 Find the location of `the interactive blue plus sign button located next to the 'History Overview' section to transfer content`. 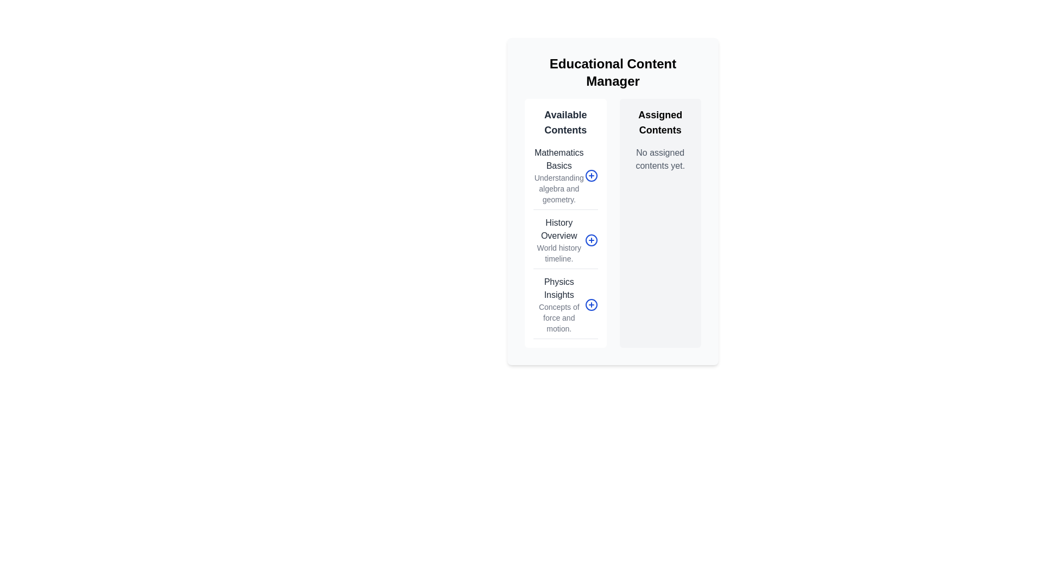

the interactive blue plus sign button located next to the 'History Overview' section to transfer content is located at coordinates (565, 242).